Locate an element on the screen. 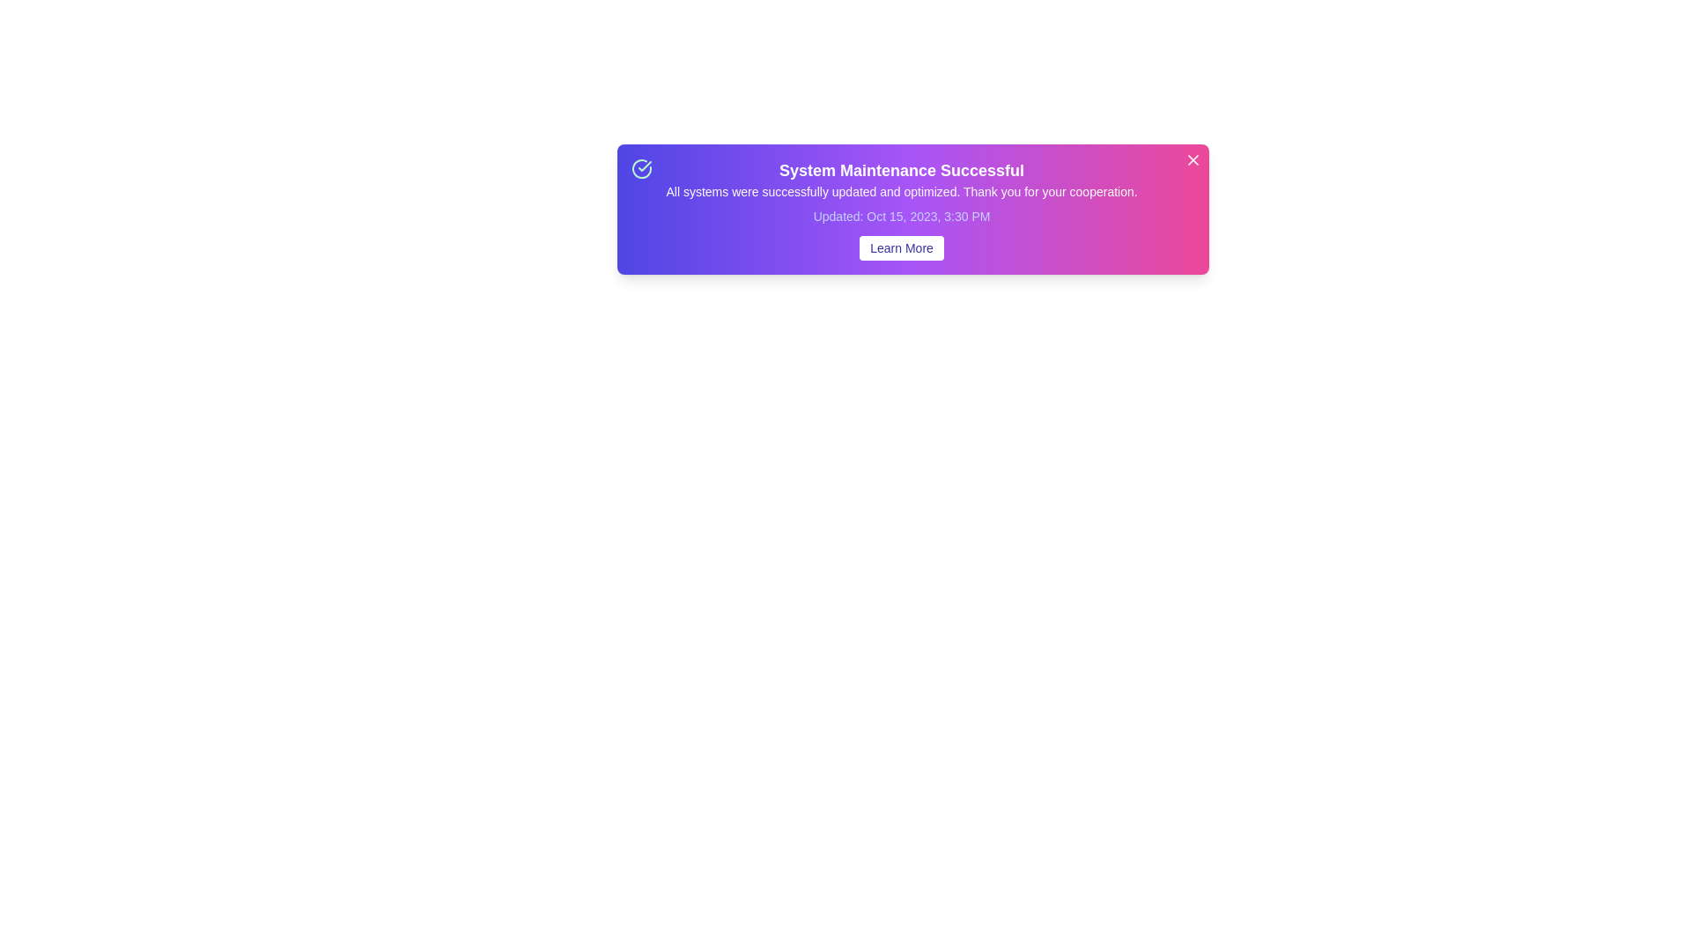  close button at the top-right corner of the alert to close it is located at coordinates (1193, 159).